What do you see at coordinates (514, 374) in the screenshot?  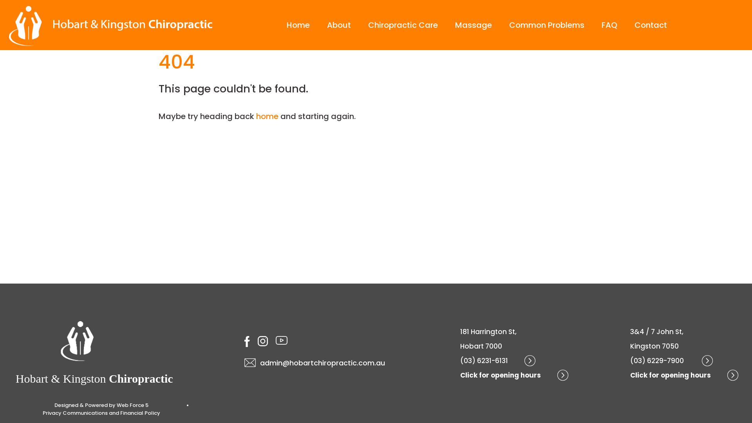 I see `'Click for opening hours'` at bounding box center [514, 374].